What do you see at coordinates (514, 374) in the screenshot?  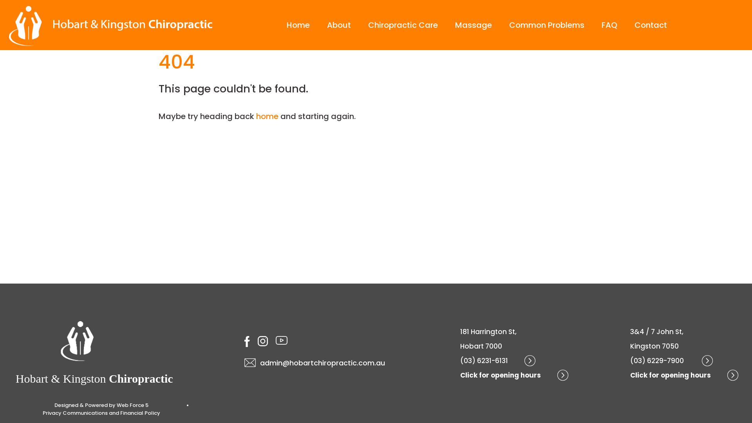 I see `'Click for opening hours'` at bounding box center [514, 374].